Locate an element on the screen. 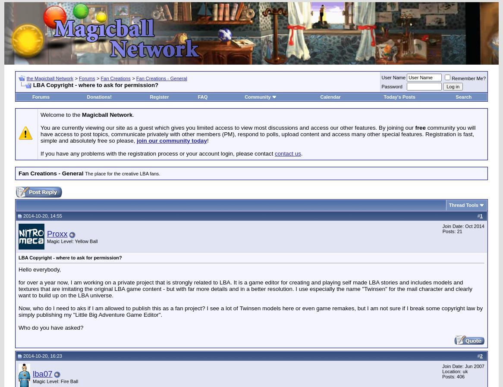 Image resolution: width=503 pixels, height=387 pixels. 'If you have any problems with the registration process or your account login, please contact' is located at coordinates (40, 153).